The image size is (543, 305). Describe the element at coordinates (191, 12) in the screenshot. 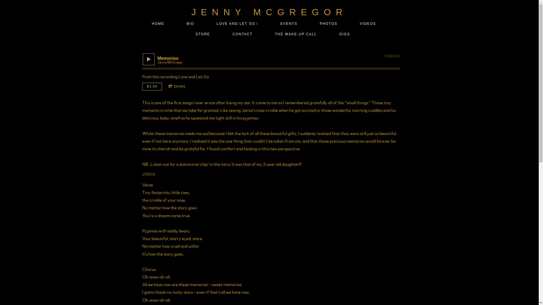

I see `'JENNY MCGREGOR'` at that location.